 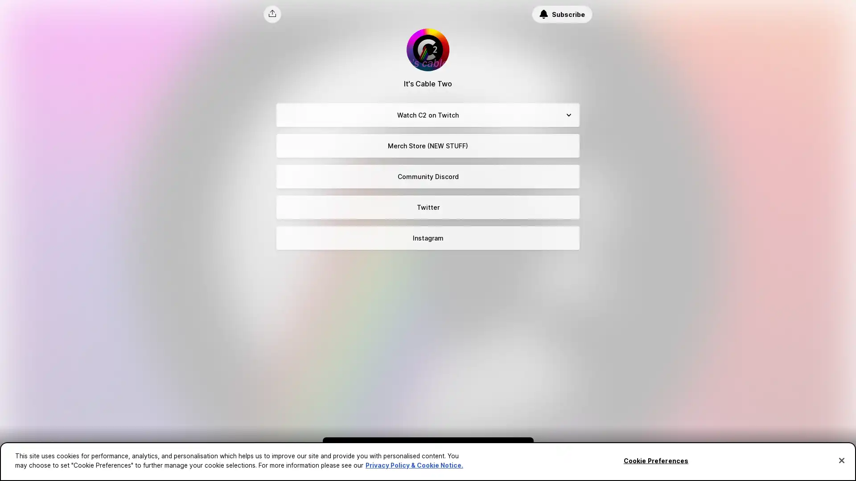 What do you see at coordinates (562, 14) in the screenshot?
I see `Subscribe` at bounding box center [562, 14].